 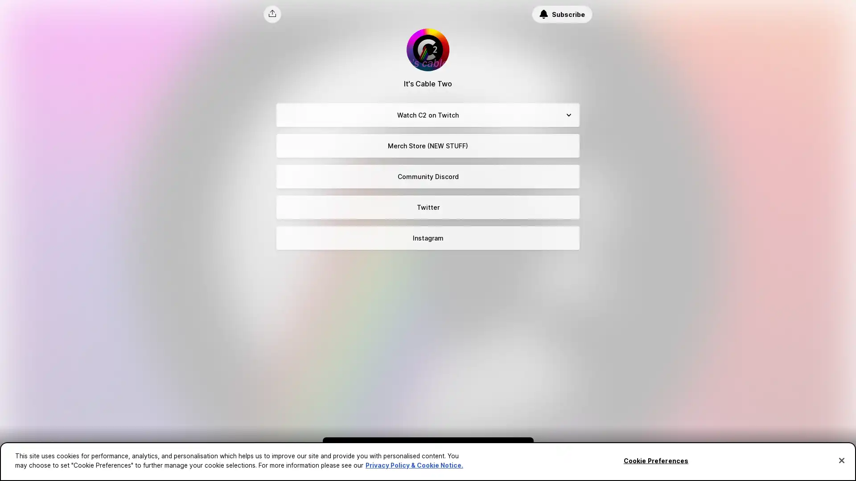 What do you see at coordinates (562, 14) in the screenshot?
I see `Subscribe` at bounding box center [562, 14].